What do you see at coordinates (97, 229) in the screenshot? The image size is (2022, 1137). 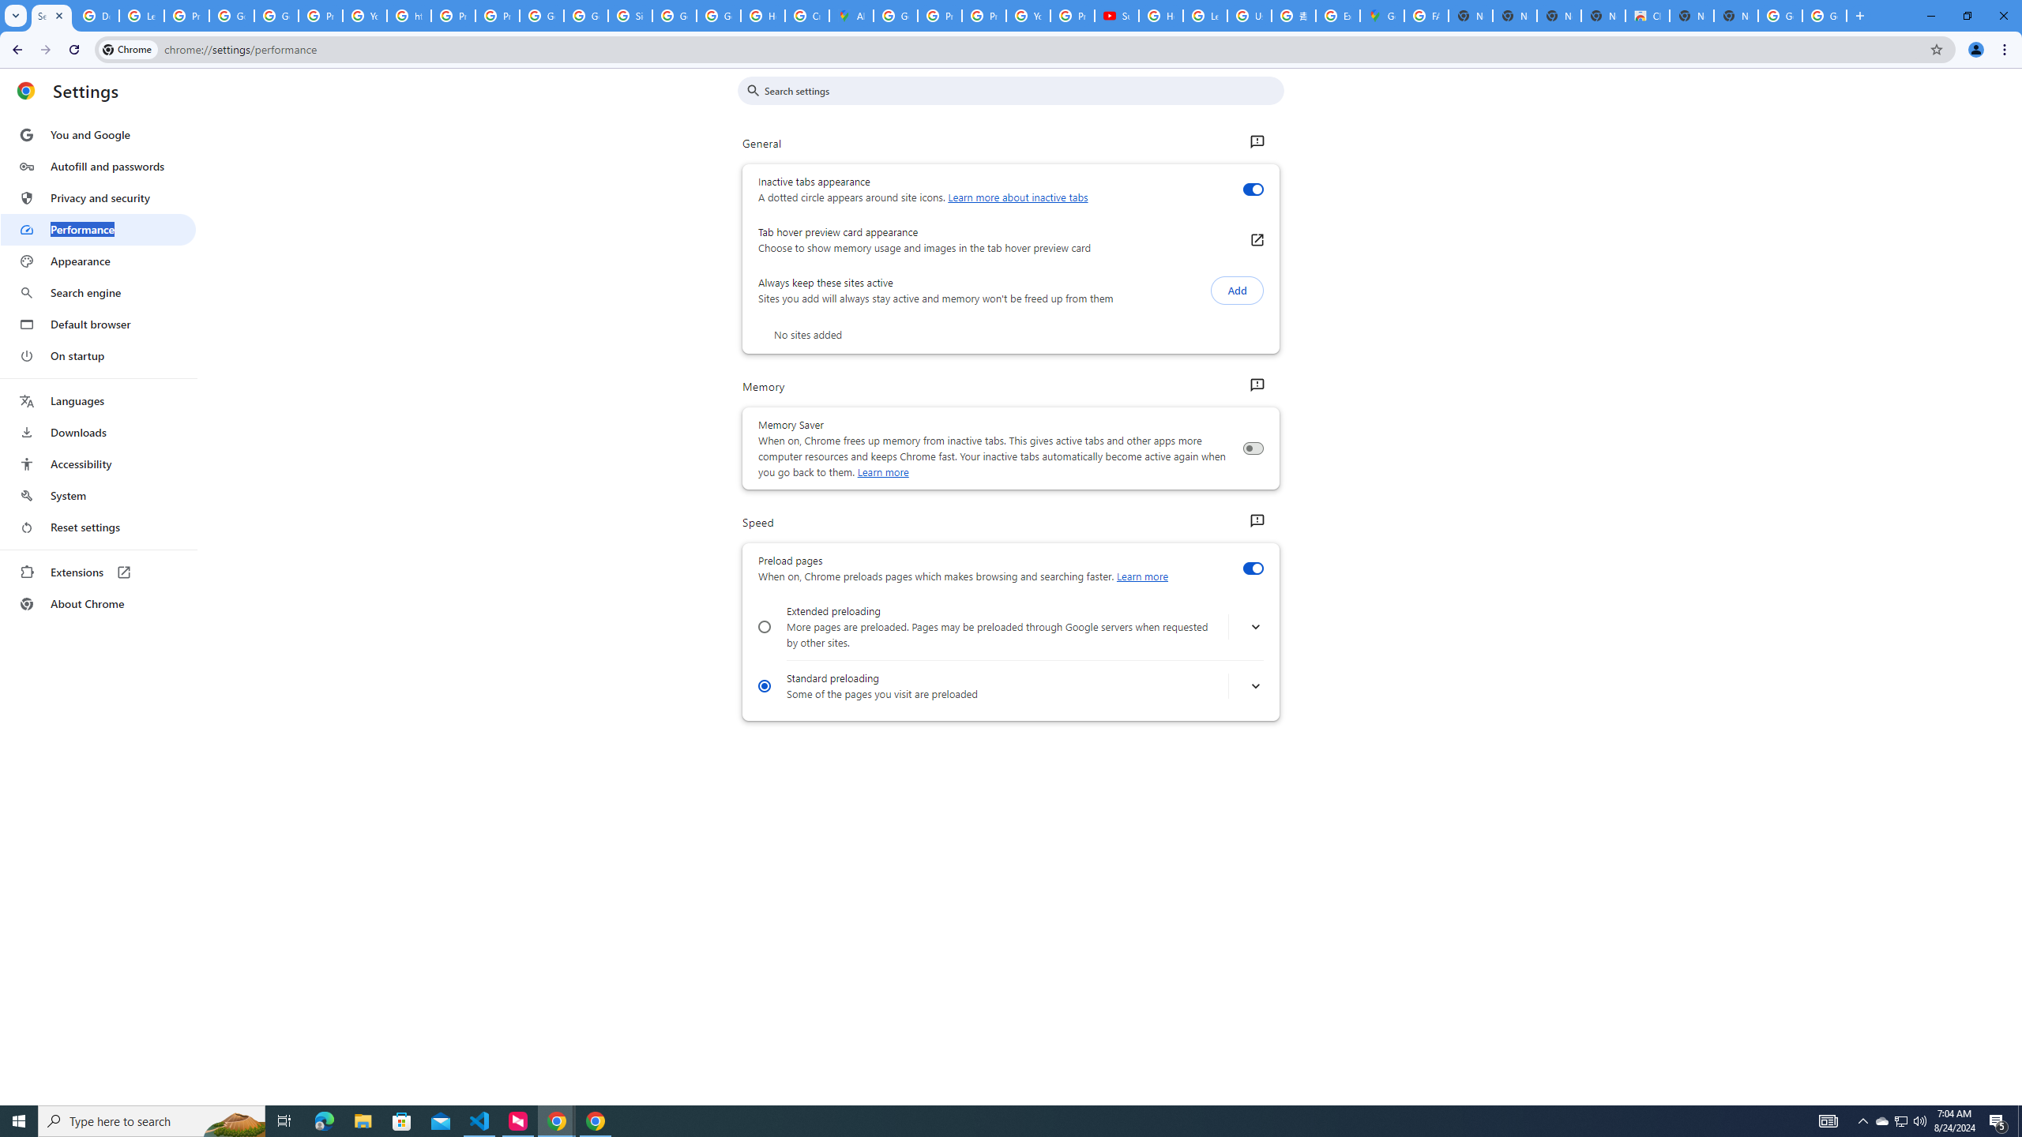 I see `'Performance'` at bounding box center [97, 229].